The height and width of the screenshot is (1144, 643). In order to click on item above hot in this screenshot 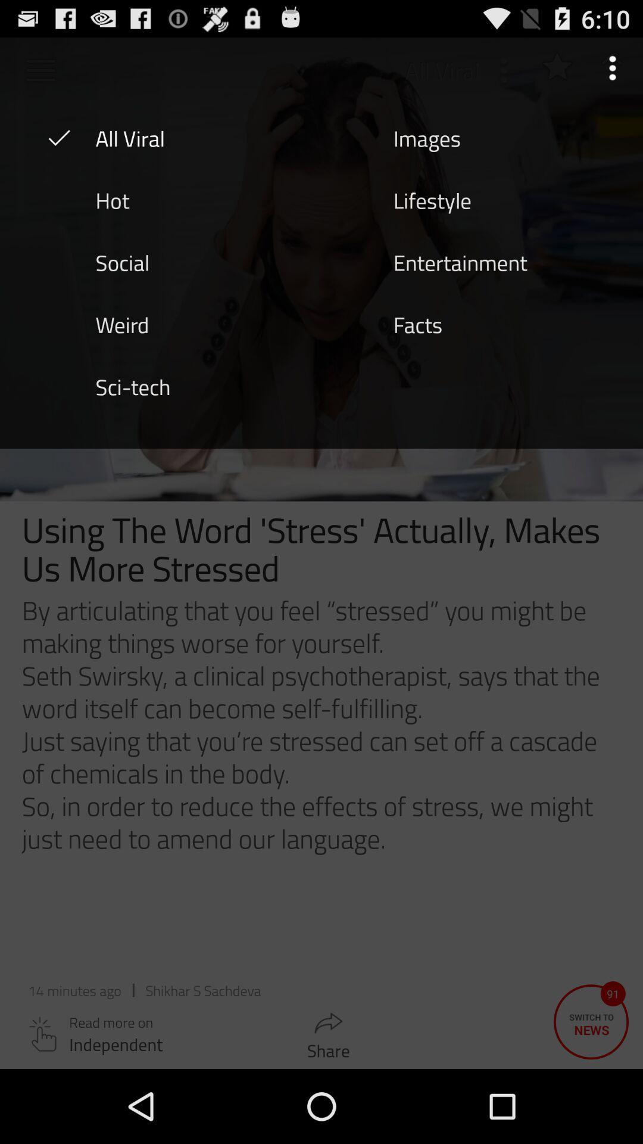, I will do `click(130, 137)`.